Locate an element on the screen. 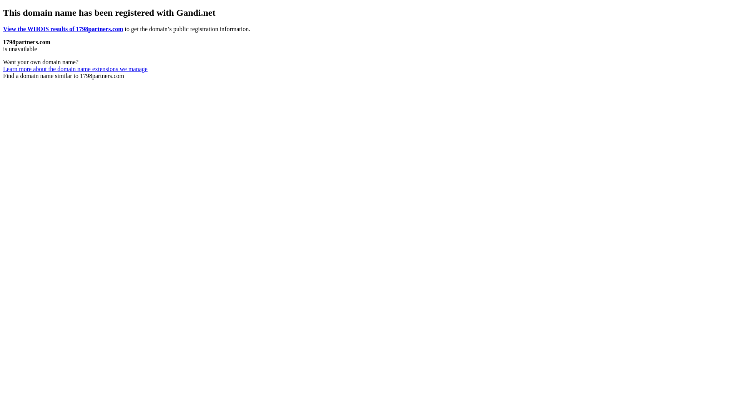 This screenshot has height=415, width=738. 'Find a domain name similar to 1798partners.com' is located at coordinates (63, 76).